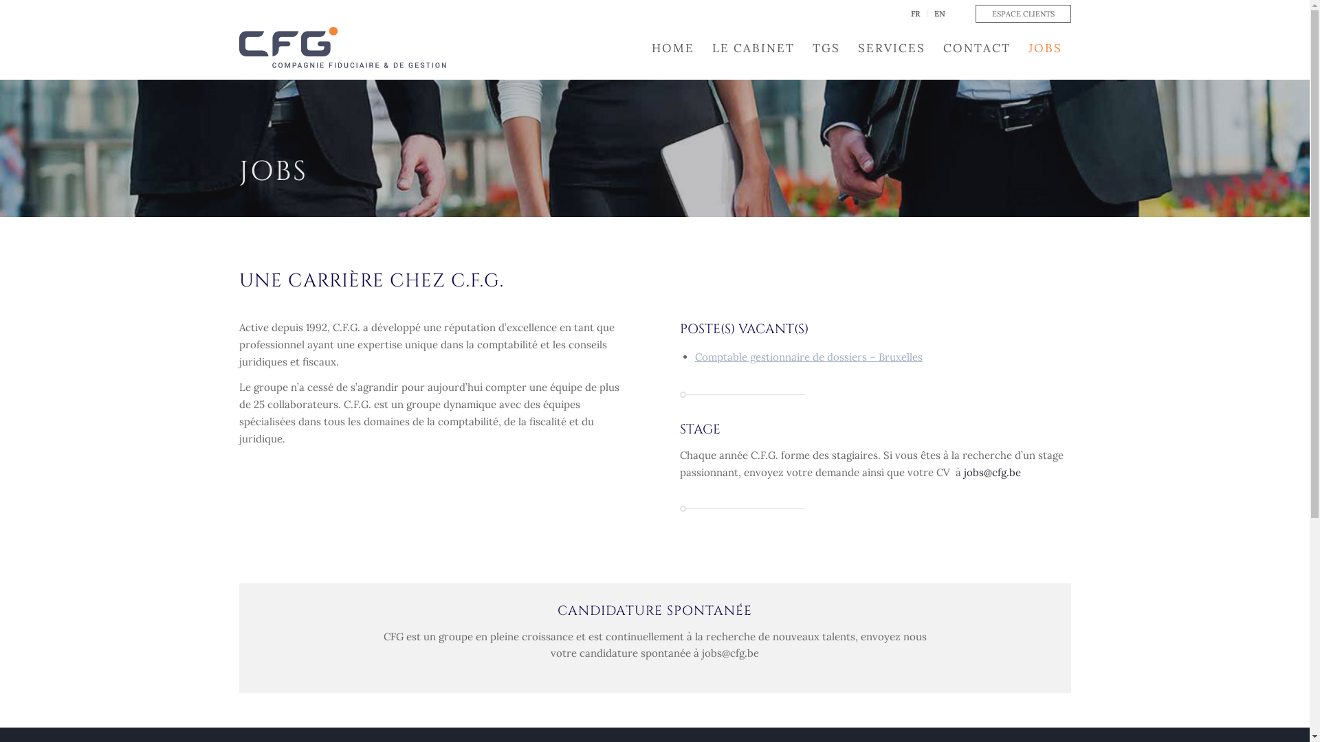  I want to click on 'HOME', so click(641, 47).